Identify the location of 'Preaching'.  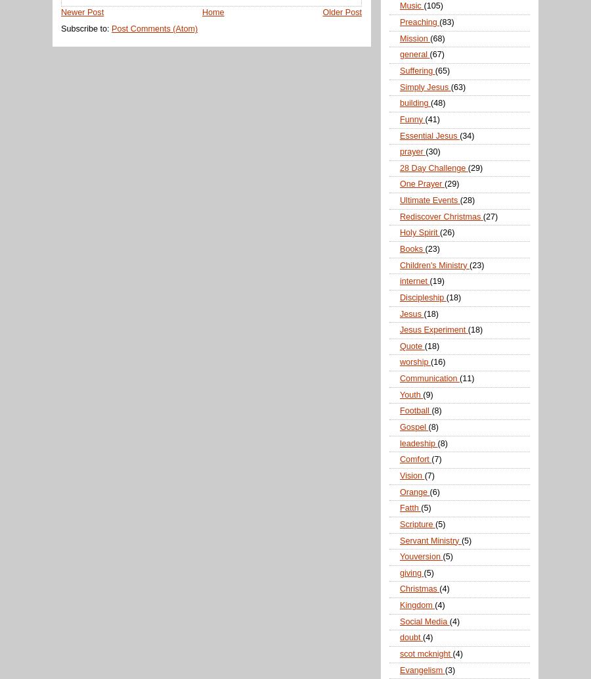
(420, 22).